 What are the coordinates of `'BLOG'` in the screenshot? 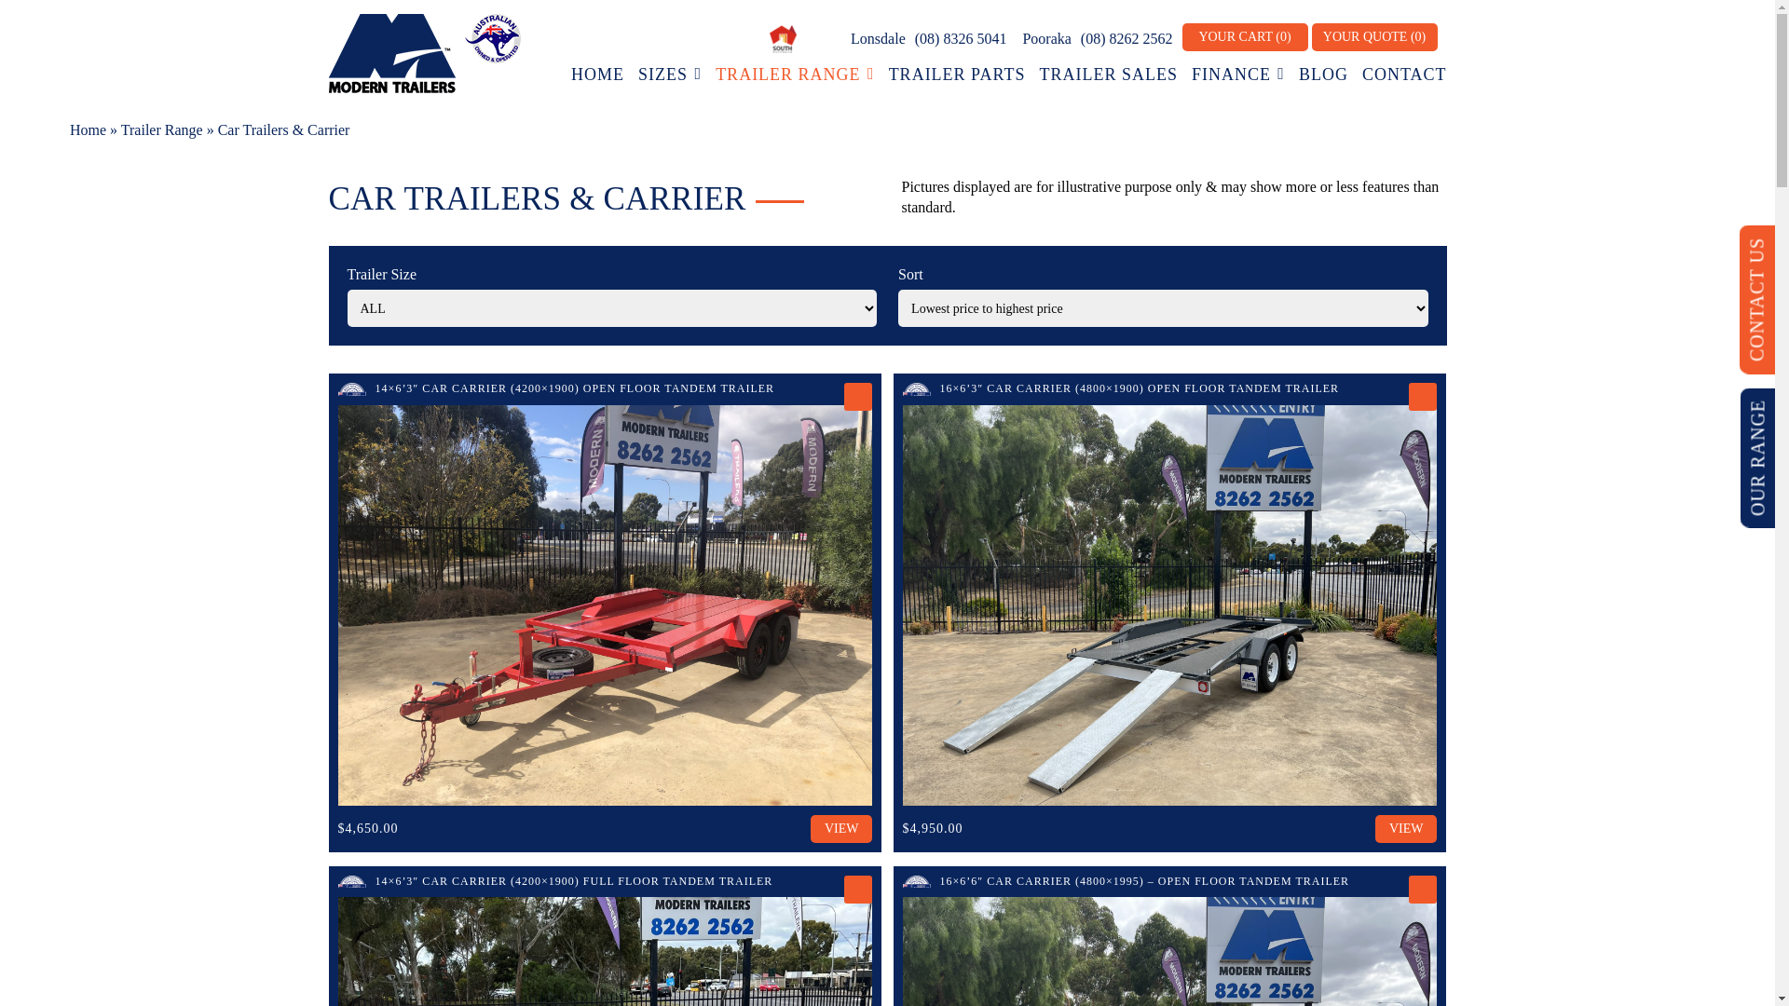 It's located at (1322, 74).